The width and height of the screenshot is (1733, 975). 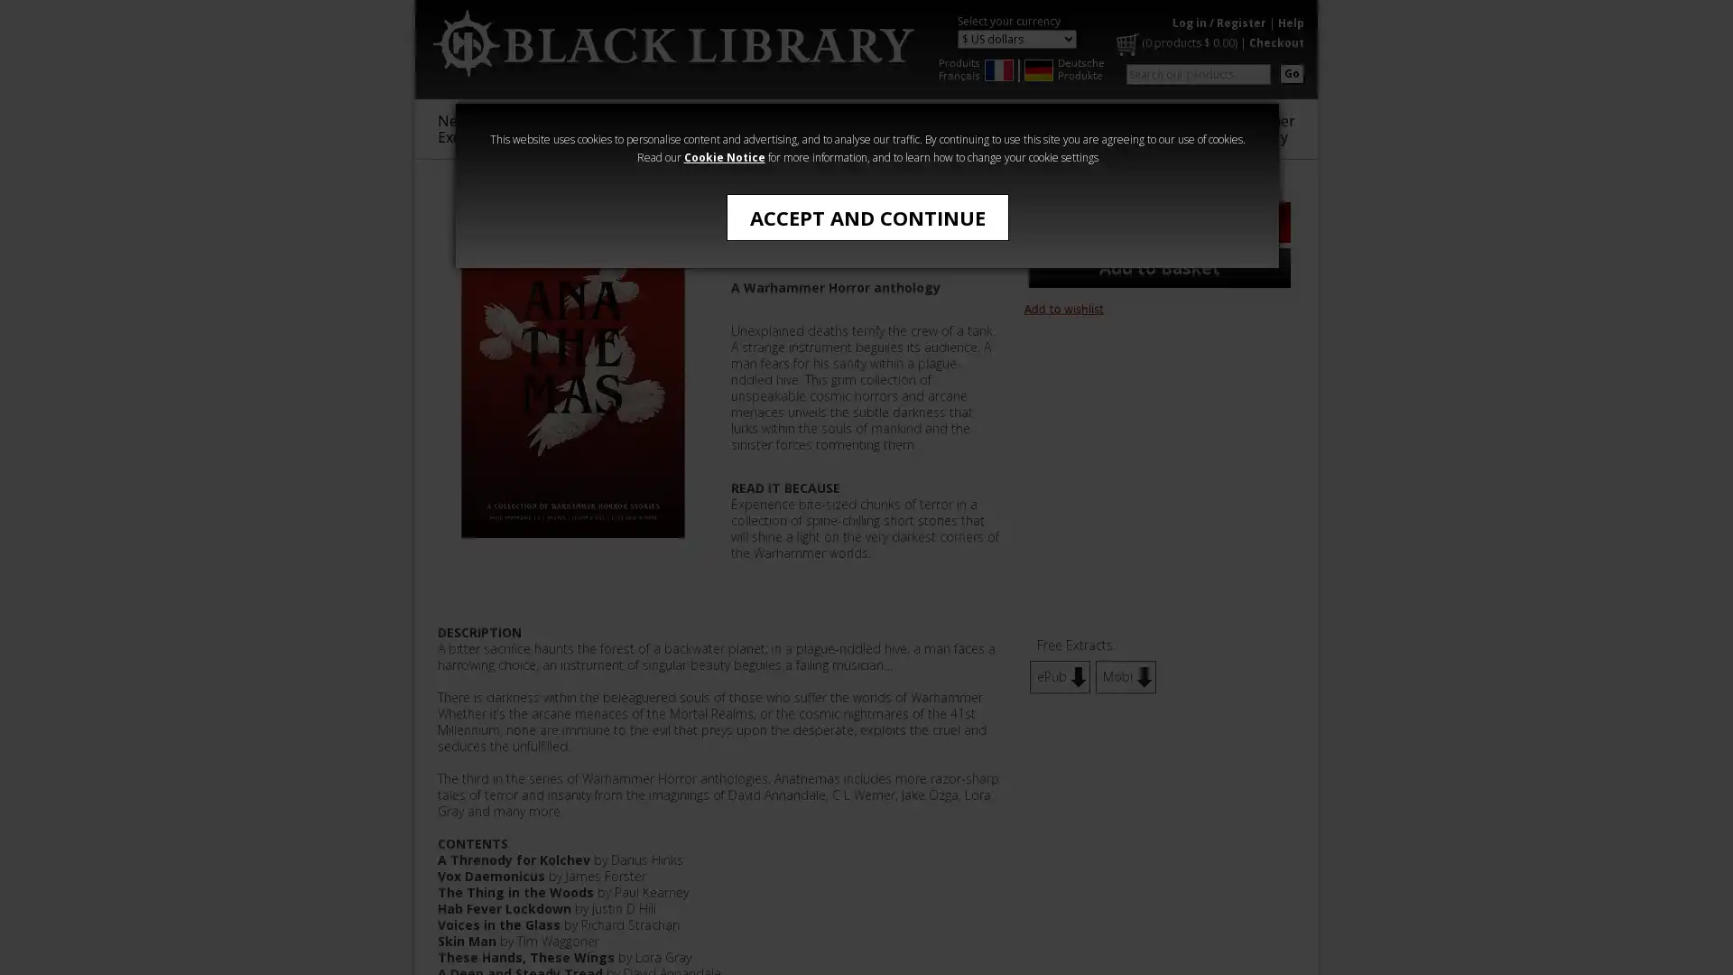 I want to click on ACCEPT AND CONTINUE, so click(x=866, y=216).